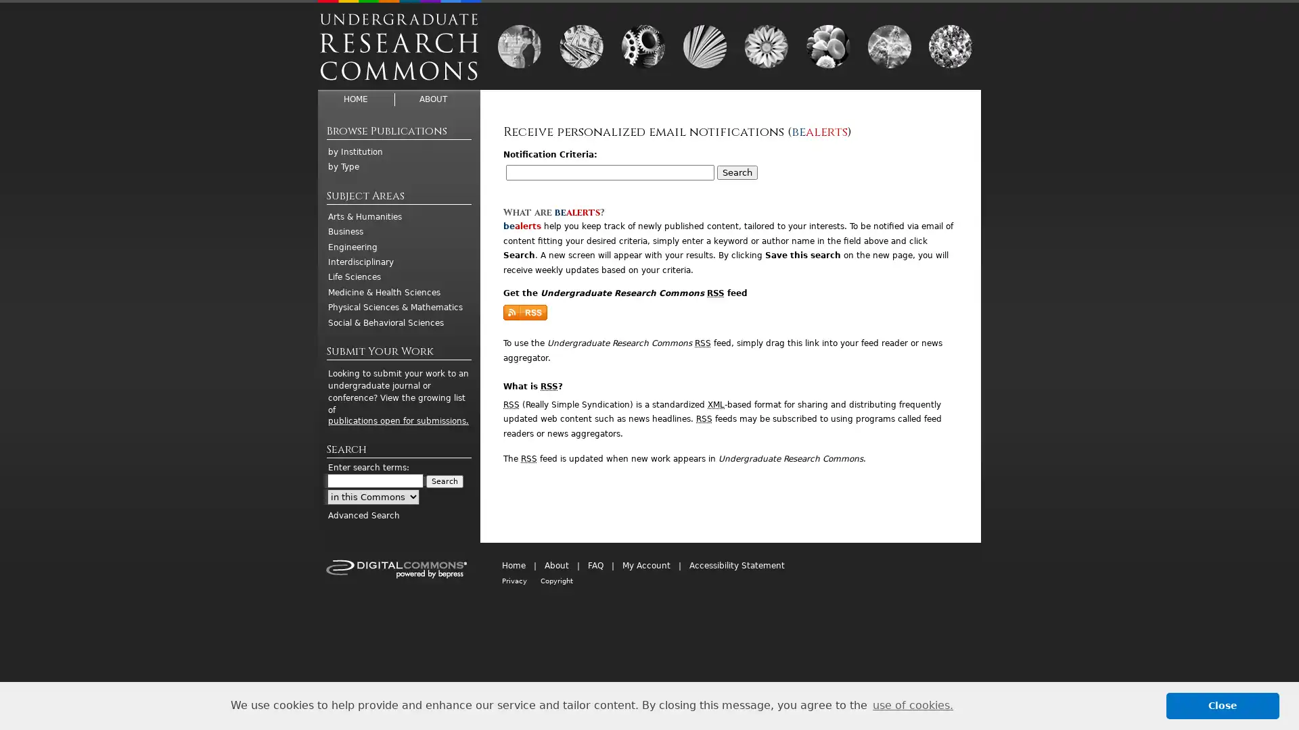 The width and height of the screenshot is (1299, 730). Describe the element at coordinates (1223, 705) in the screenshot. I see `dismiss cookie message` at that location.